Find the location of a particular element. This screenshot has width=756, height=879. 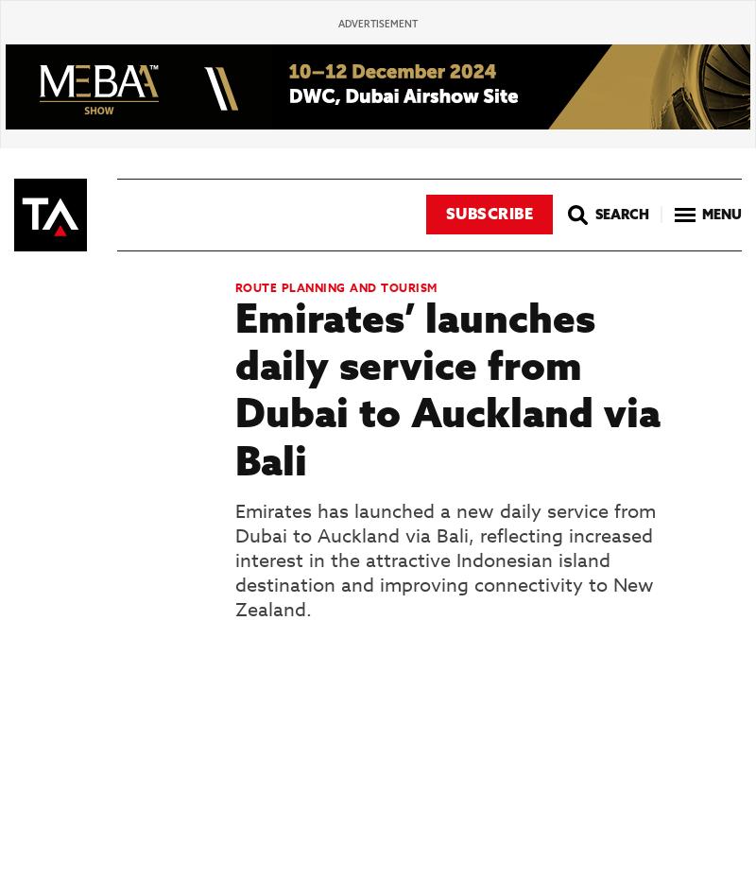

'2' is located at coordinates (30, 302).